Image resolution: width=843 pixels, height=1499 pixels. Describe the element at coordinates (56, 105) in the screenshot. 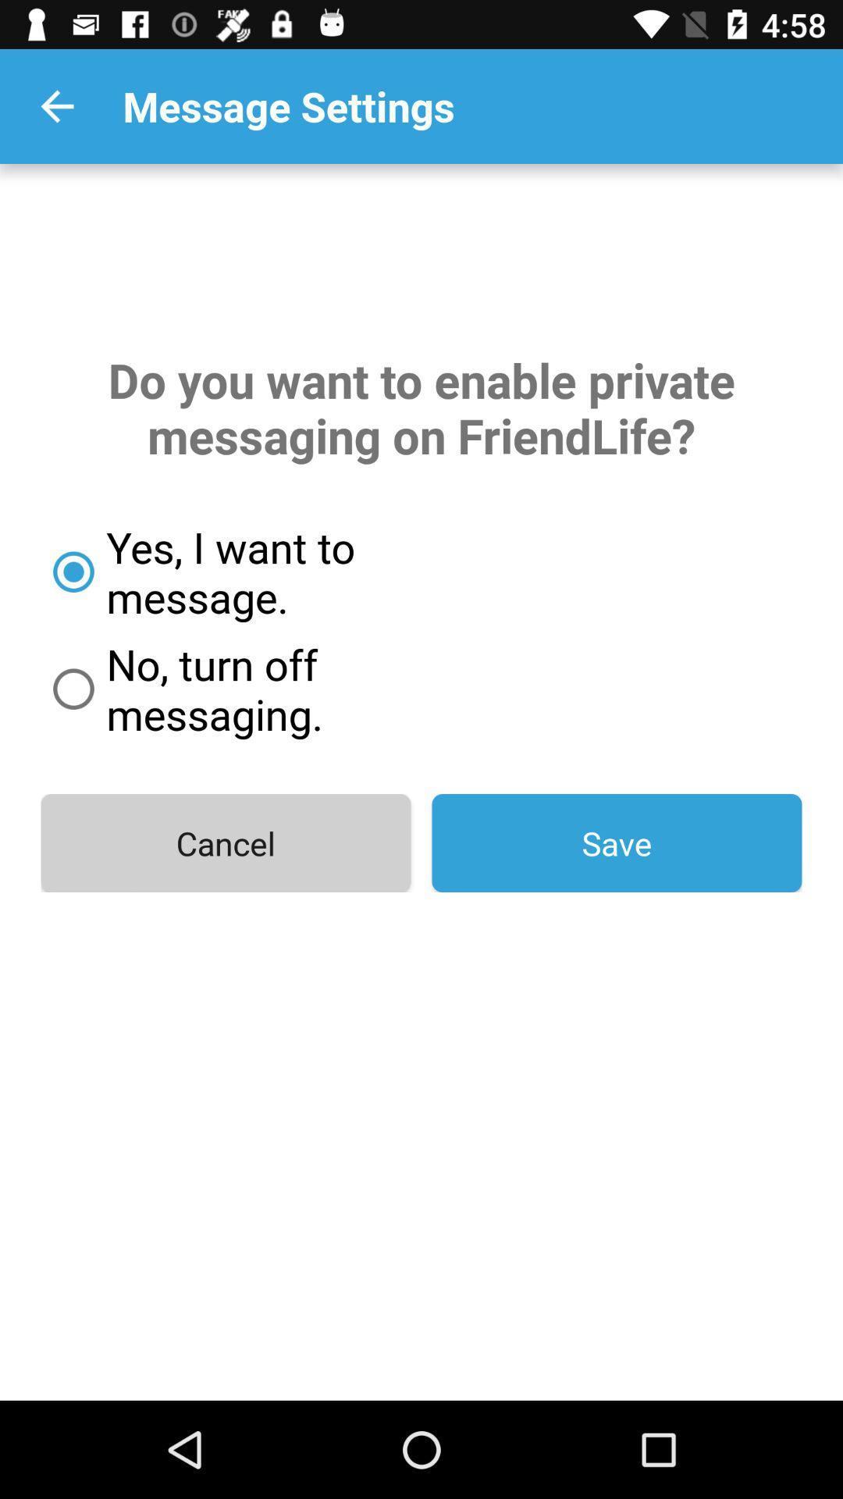

I see `the item at the top left corner` at that location.